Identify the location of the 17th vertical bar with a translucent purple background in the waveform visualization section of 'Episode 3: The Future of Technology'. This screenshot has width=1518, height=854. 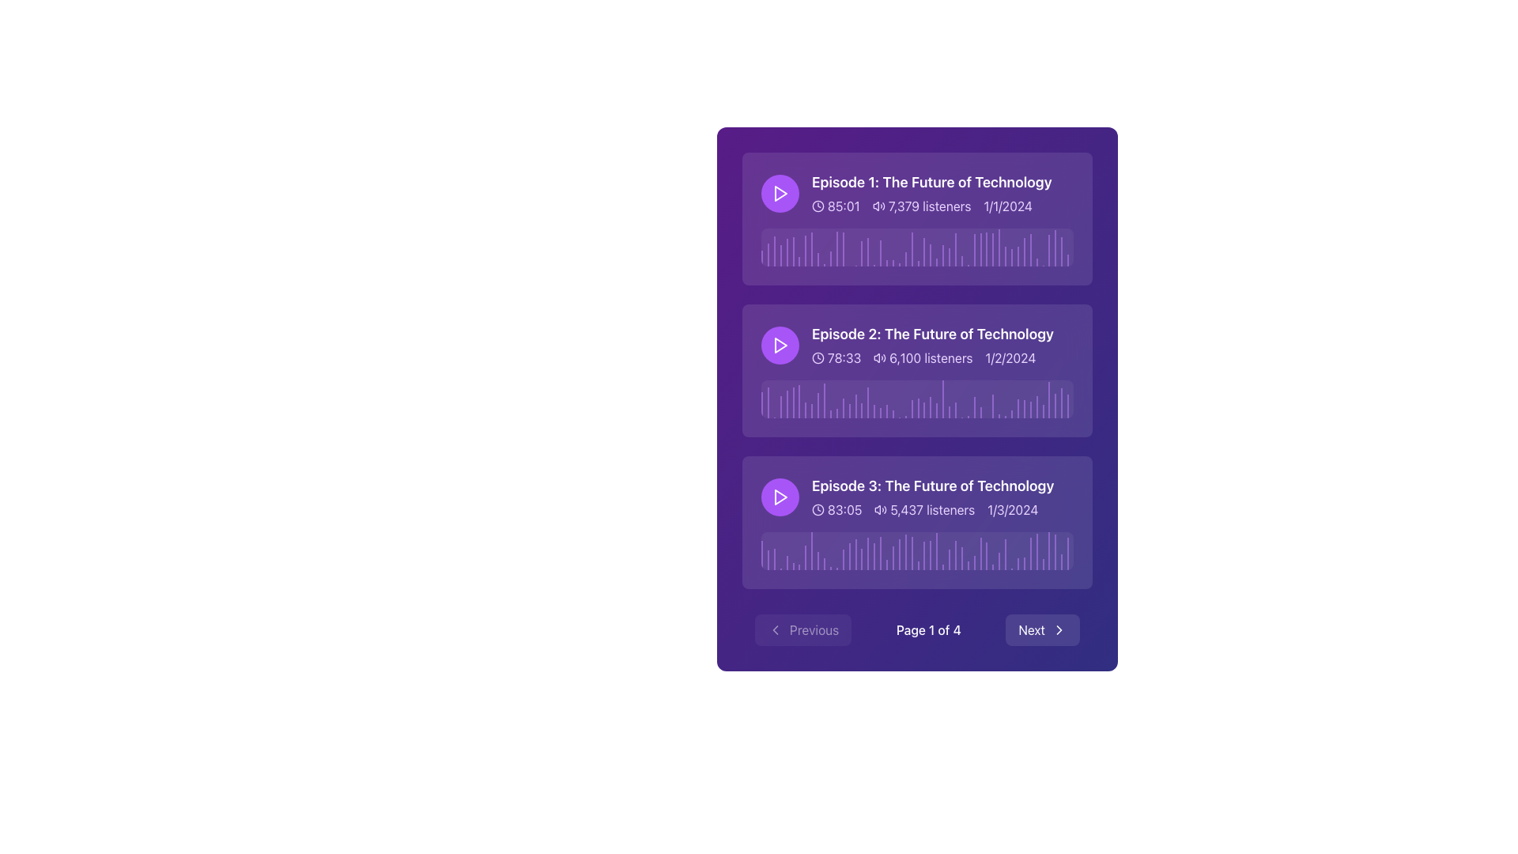
(861, 558).